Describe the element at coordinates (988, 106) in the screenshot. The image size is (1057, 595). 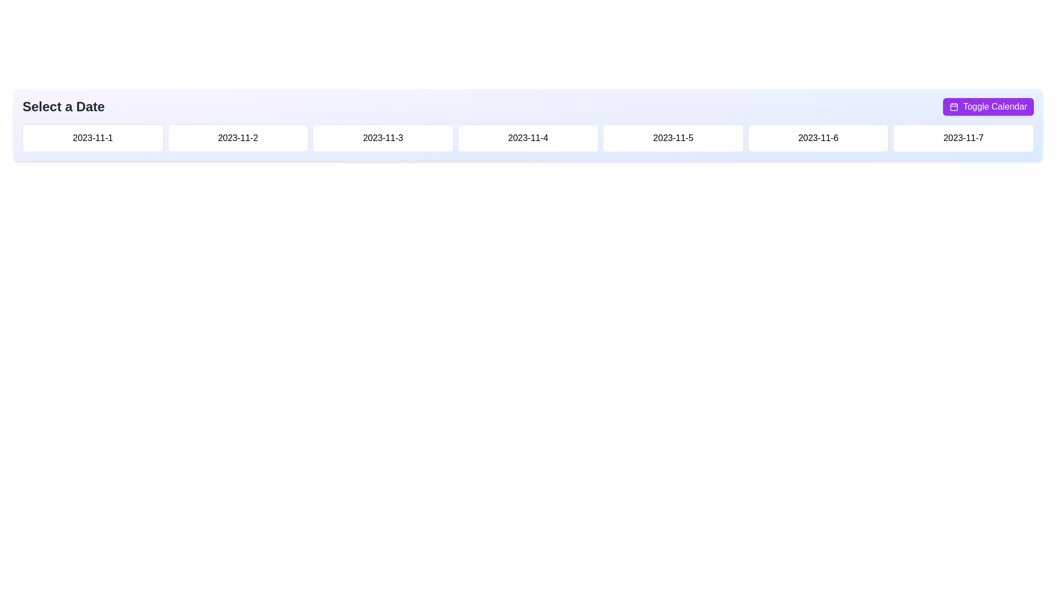
I see `the button located on the far right of the top interface, which toggles the visibility of the calendar interface` at that location.